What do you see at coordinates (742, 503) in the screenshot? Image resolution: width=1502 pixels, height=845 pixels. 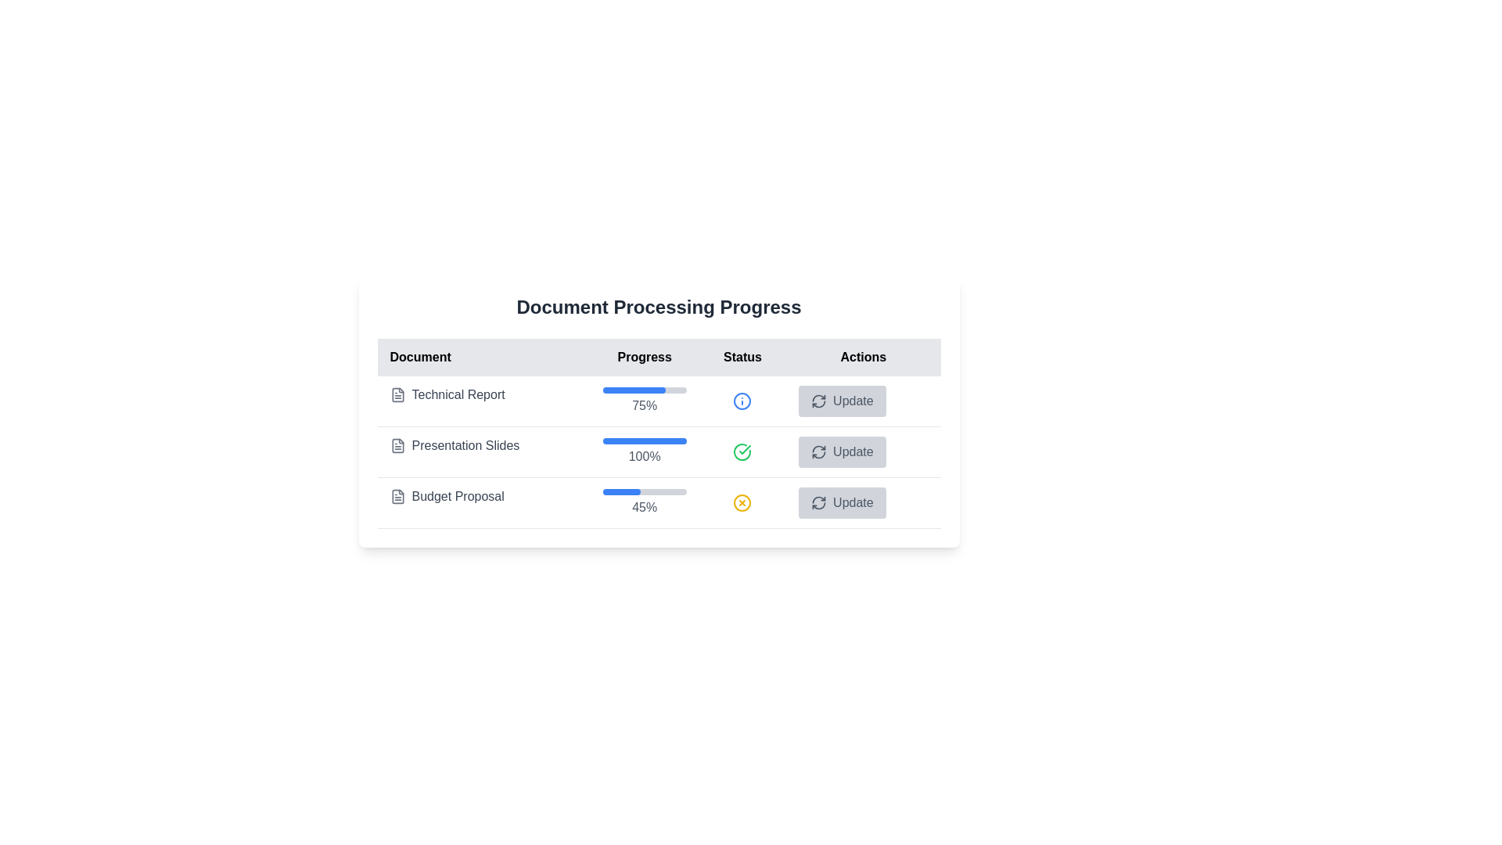 I see `the circular SVG-based status indicator with a yellow outline and an 'X' symbol in the 'Status' column of the 'Budget Proposal' row, located towards the right of the '45%' progress bar` at bounding box center [742, 503].